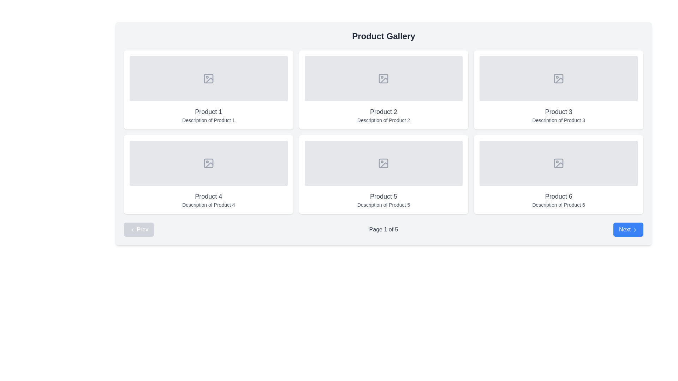 The height and width of the screenshot is (381, 678). Describe the element at coordinates (383, 79) in the screenshot. I see `the visual indicator for the image placeholder located in the card titled 'Product 2' in the second column of the first row` at that location.